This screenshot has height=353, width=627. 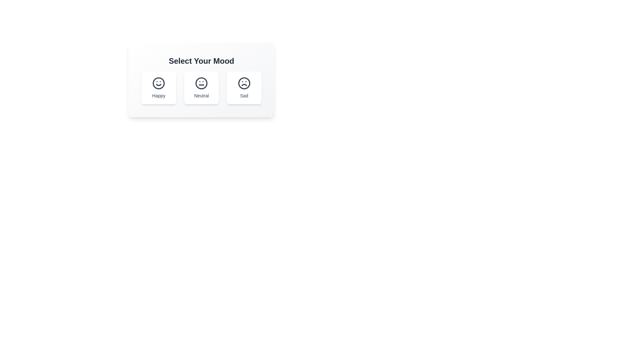 I want to click on the Neutral button to select the corresponding mood, so click(x=201, y=88).